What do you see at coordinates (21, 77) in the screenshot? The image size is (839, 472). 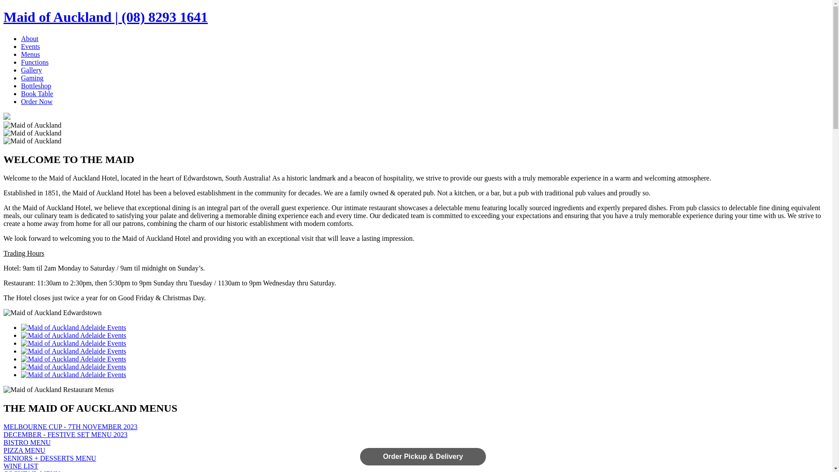 I see `'Gaming'` at bounding box center [21, 77].